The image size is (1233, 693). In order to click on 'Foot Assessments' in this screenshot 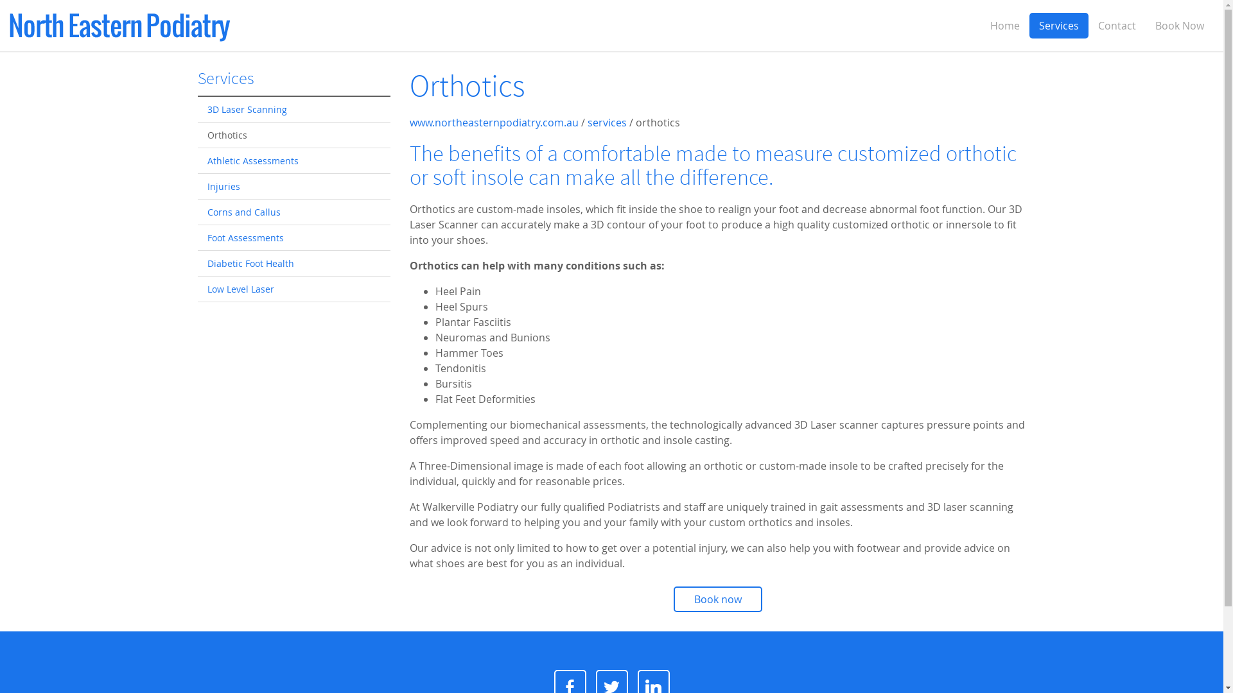, I will do `click(197, 237)`.